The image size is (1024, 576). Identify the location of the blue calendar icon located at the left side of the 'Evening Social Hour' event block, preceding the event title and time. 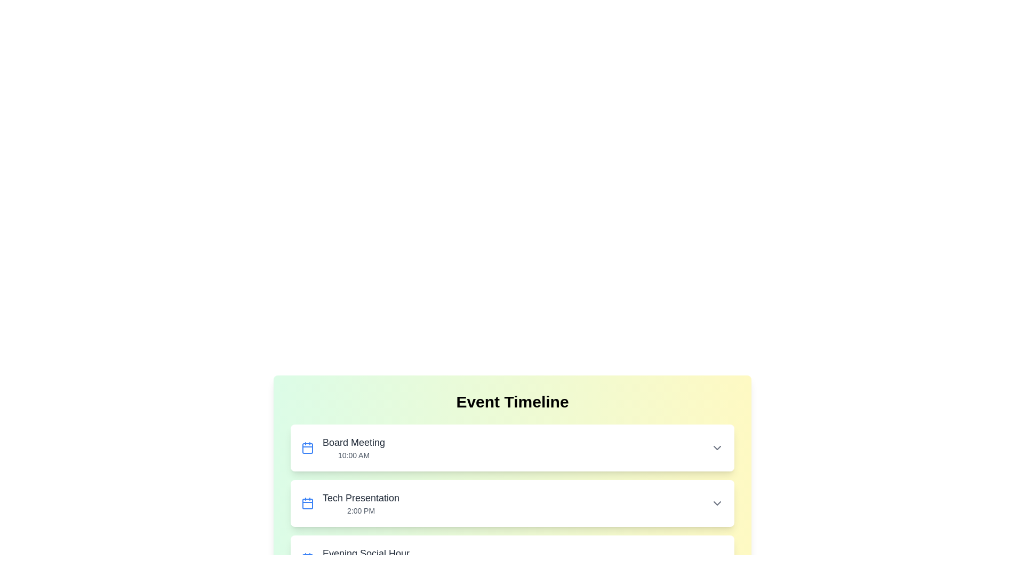
(307, 558).